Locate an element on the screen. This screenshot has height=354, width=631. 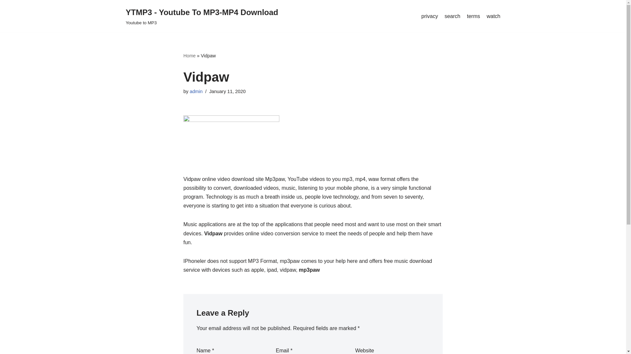
'admin' is located at coordinates (196, 91).